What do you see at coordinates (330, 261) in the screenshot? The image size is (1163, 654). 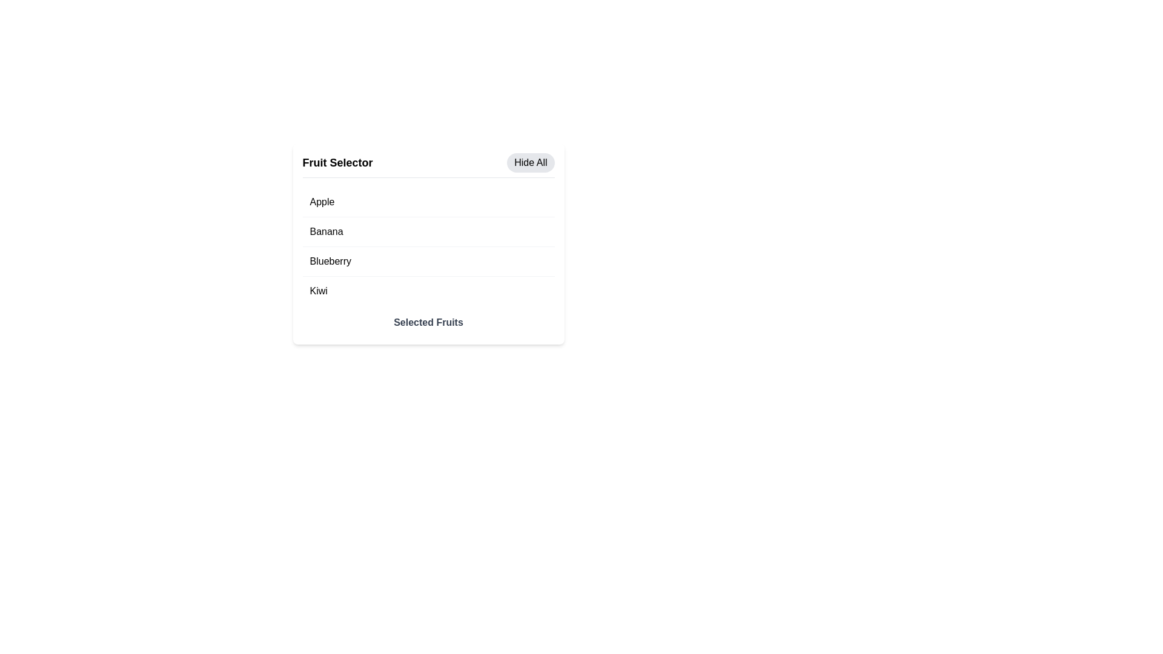 I see `the text label displaying 'Blueberry' in the 'Fruit Selector' list` at bounding box center [330, 261].